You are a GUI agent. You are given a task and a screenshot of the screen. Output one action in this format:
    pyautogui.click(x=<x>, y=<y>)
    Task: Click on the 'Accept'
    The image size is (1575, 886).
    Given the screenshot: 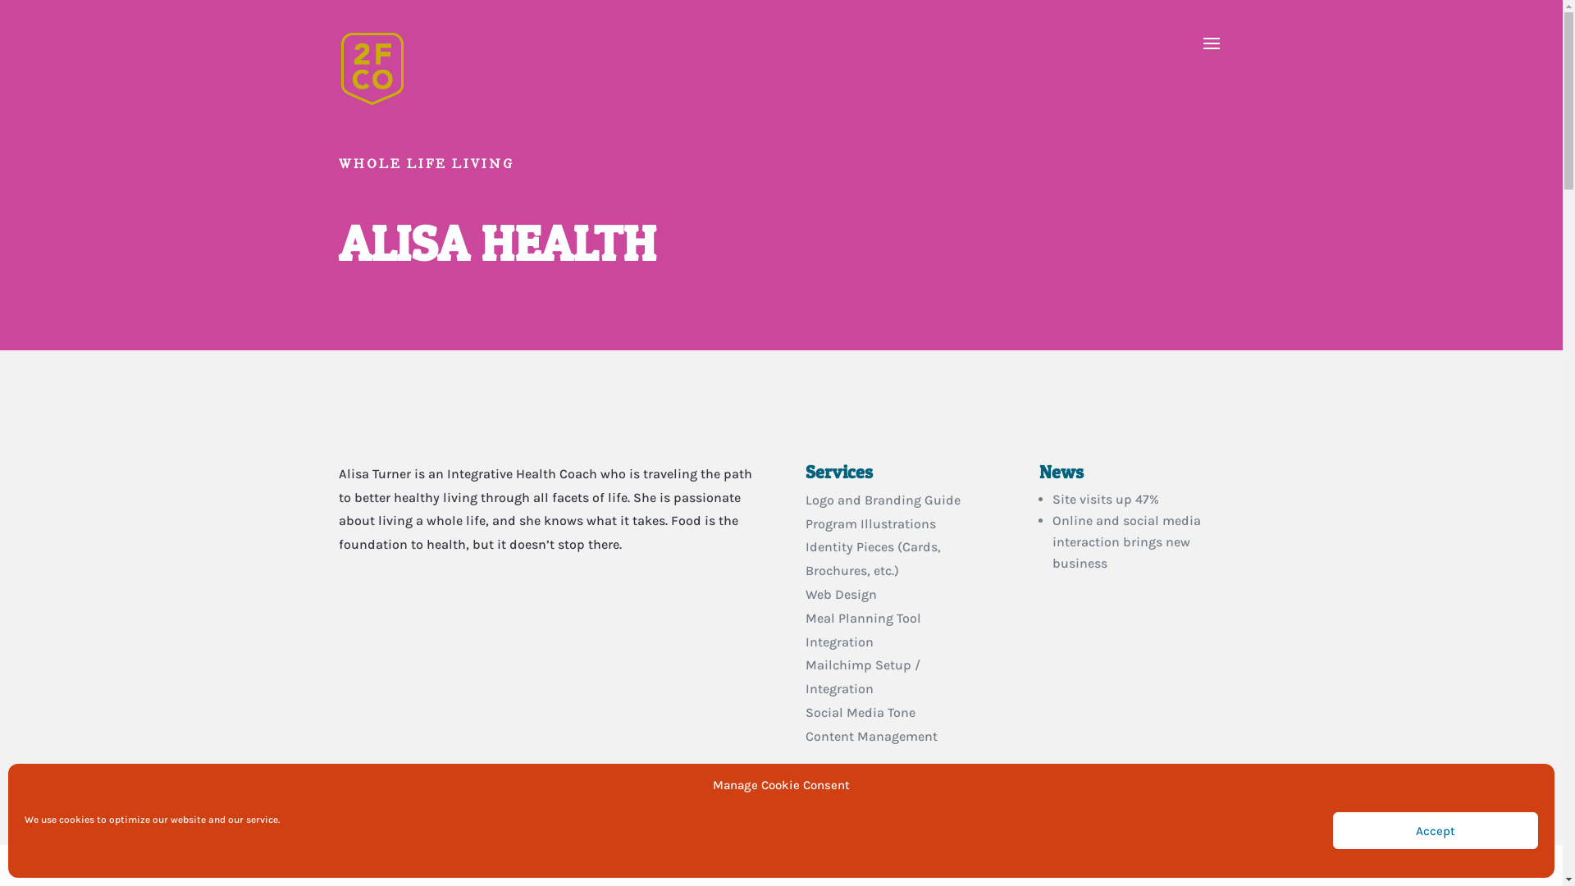 What is the action you would take?
    pyautogui.click(x=1435, y=830)
    